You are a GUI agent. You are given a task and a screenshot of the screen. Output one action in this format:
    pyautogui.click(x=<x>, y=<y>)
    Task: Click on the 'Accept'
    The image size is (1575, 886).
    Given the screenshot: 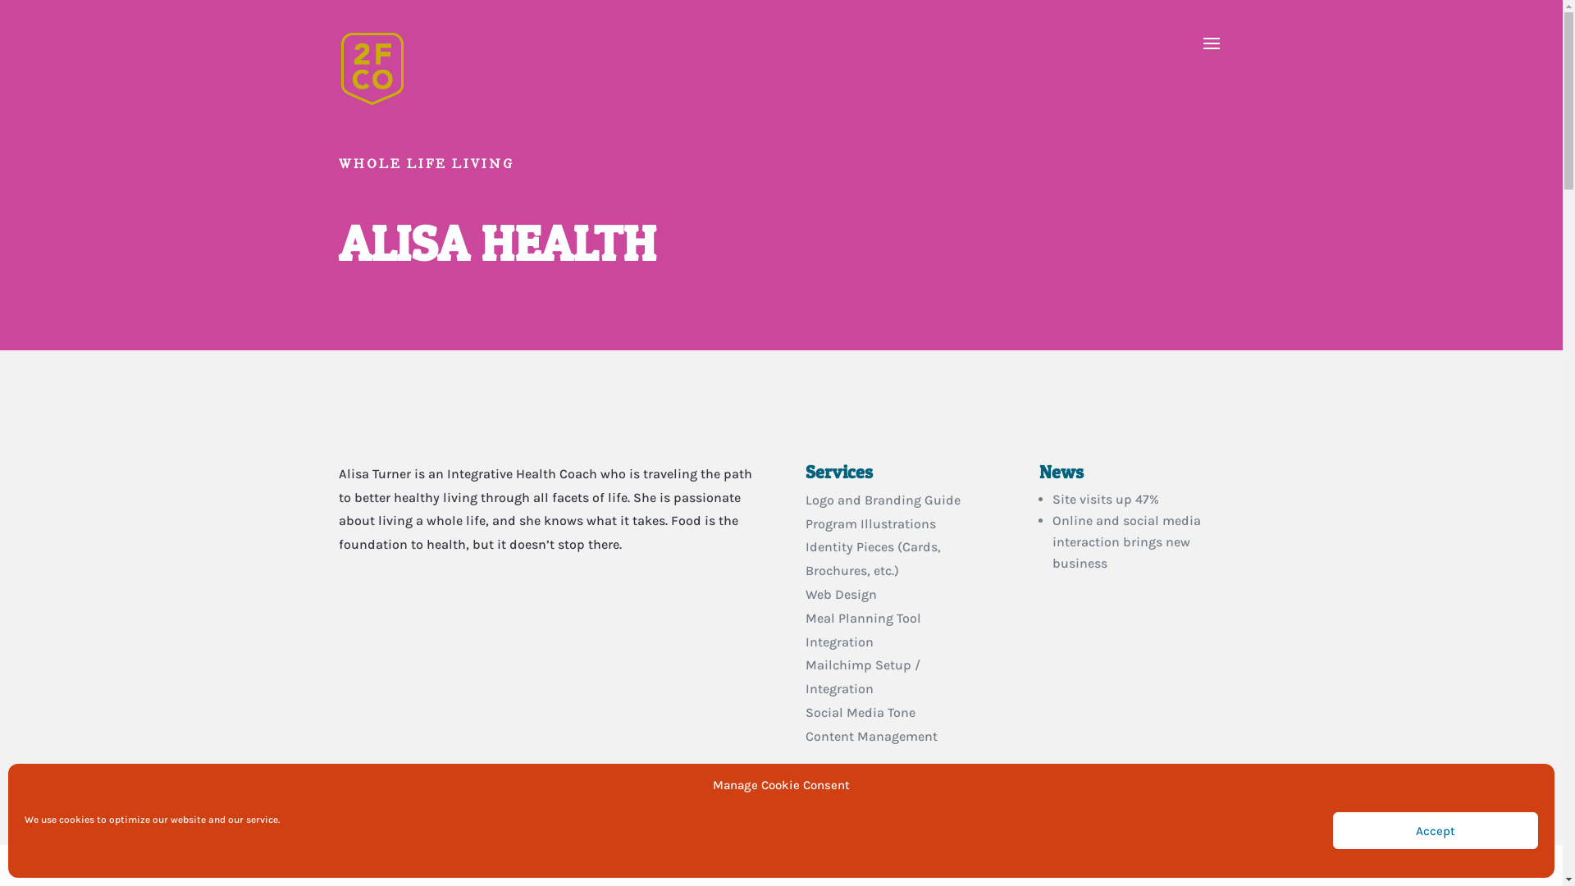 What is the action you would take?
    pyautogui.click(x=1435, y=830)
    